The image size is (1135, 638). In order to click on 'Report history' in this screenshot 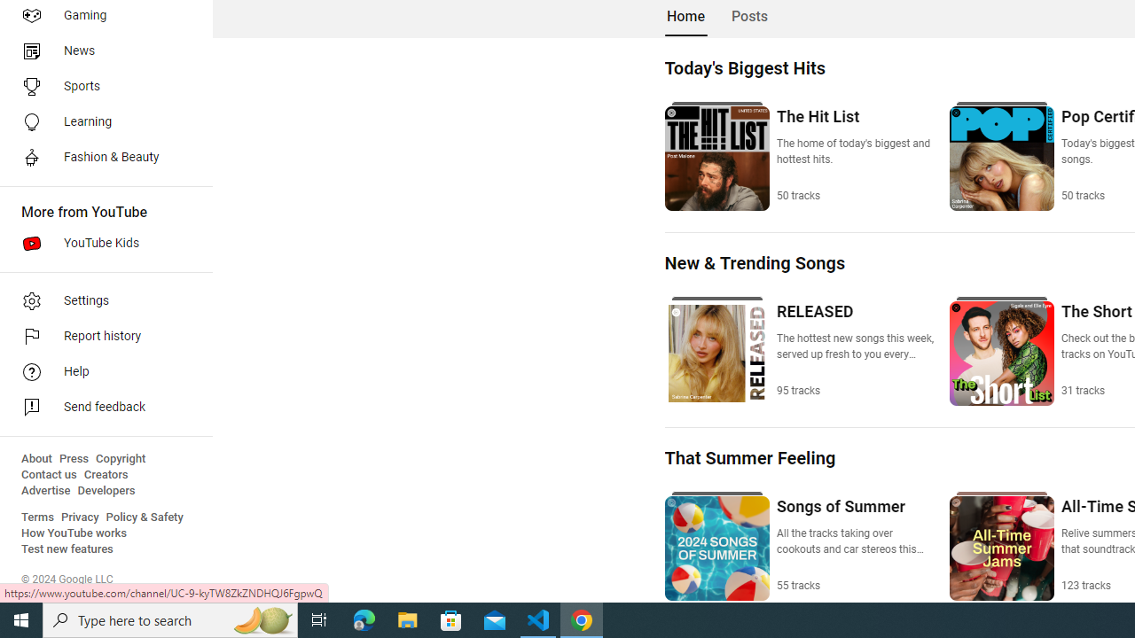, I will do `click(99, 337)`.